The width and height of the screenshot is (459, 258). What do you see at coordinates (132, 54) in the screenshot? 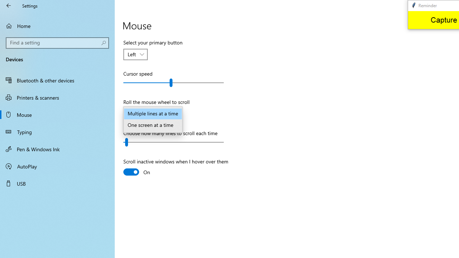
I see `'Left'` at bounding box center [132, 54].